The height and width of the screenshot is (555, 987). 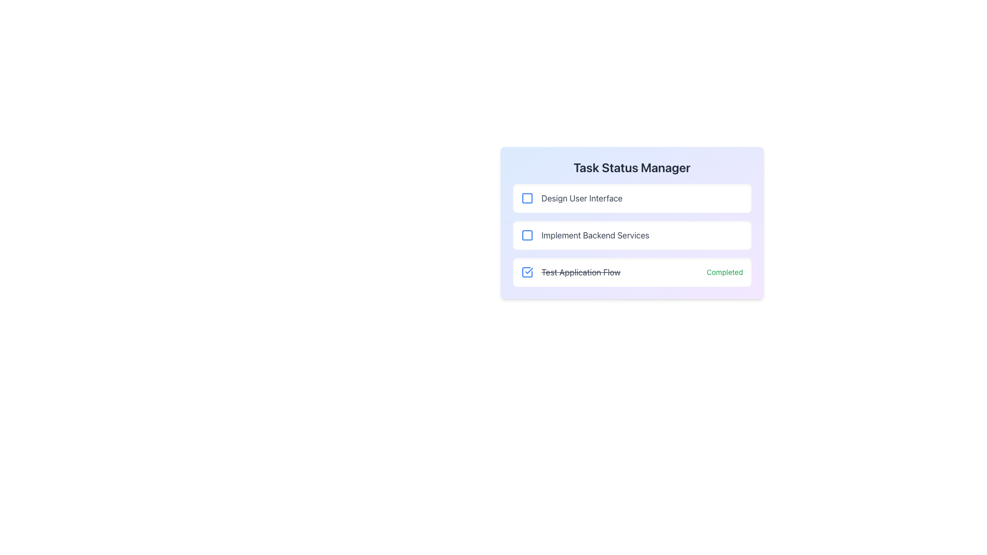 I want to click on the checkbox in the task list item labeled 'Design User Interface', so click(x=631, y=198).